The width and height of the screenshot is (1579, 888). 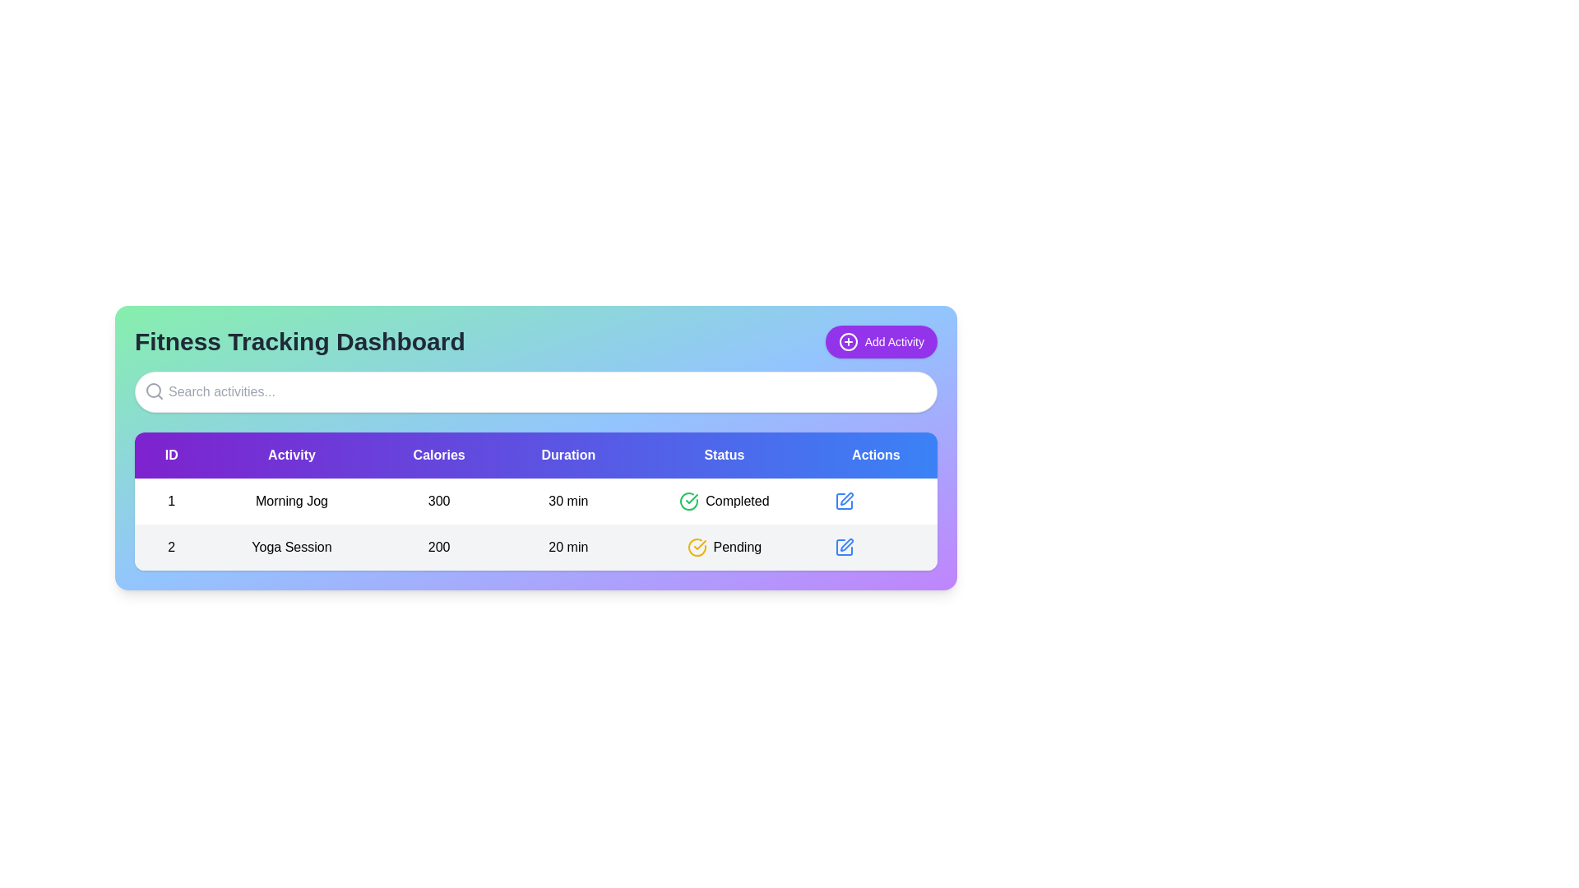 What do you see at coordinates (439, 500) in the screenshot?
I see `the calorie count display field for the 'Morning Jog' activity located in the 'Calories' column of the first row in the dashboard table` at bounding box center [439, 500].